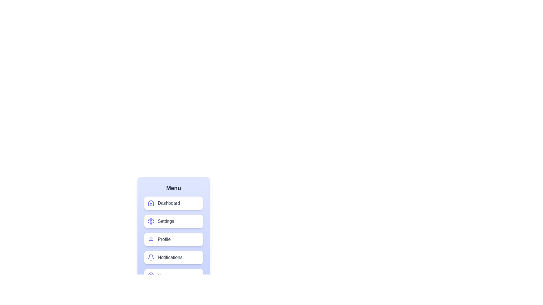 The image size is (543, 305). I want to click on the settings icon, which resembles a gear or cogwheel, located inside a button with a white background, positioned to the left of the 'Settings' text label, so click(151, 221).